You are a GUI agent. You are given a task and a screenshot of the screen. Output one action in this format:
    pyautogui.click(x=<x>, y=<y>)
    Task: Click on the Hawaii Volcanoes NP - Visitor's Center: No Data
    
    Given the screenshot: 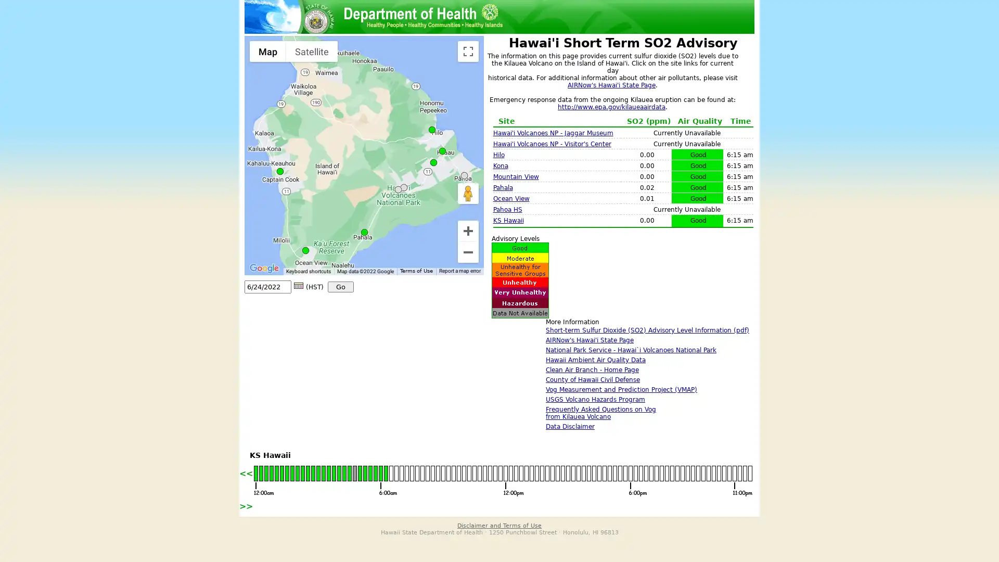 What is the action you would take?
    pyautogui.click(x=403, y=187)
    